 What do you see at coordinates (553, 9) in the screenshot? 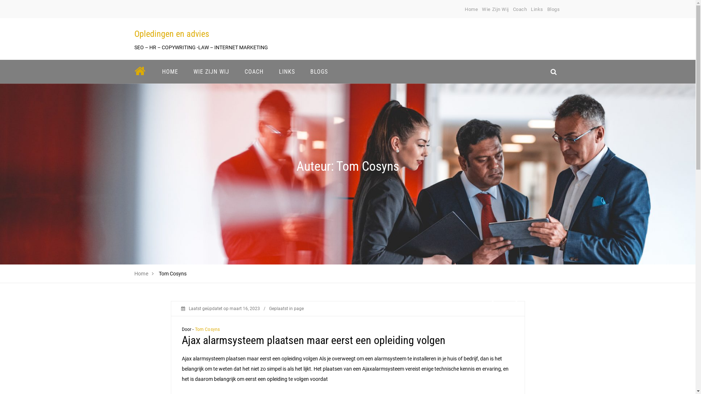
I see `'Blogs'` at bounding box center [553, 9].